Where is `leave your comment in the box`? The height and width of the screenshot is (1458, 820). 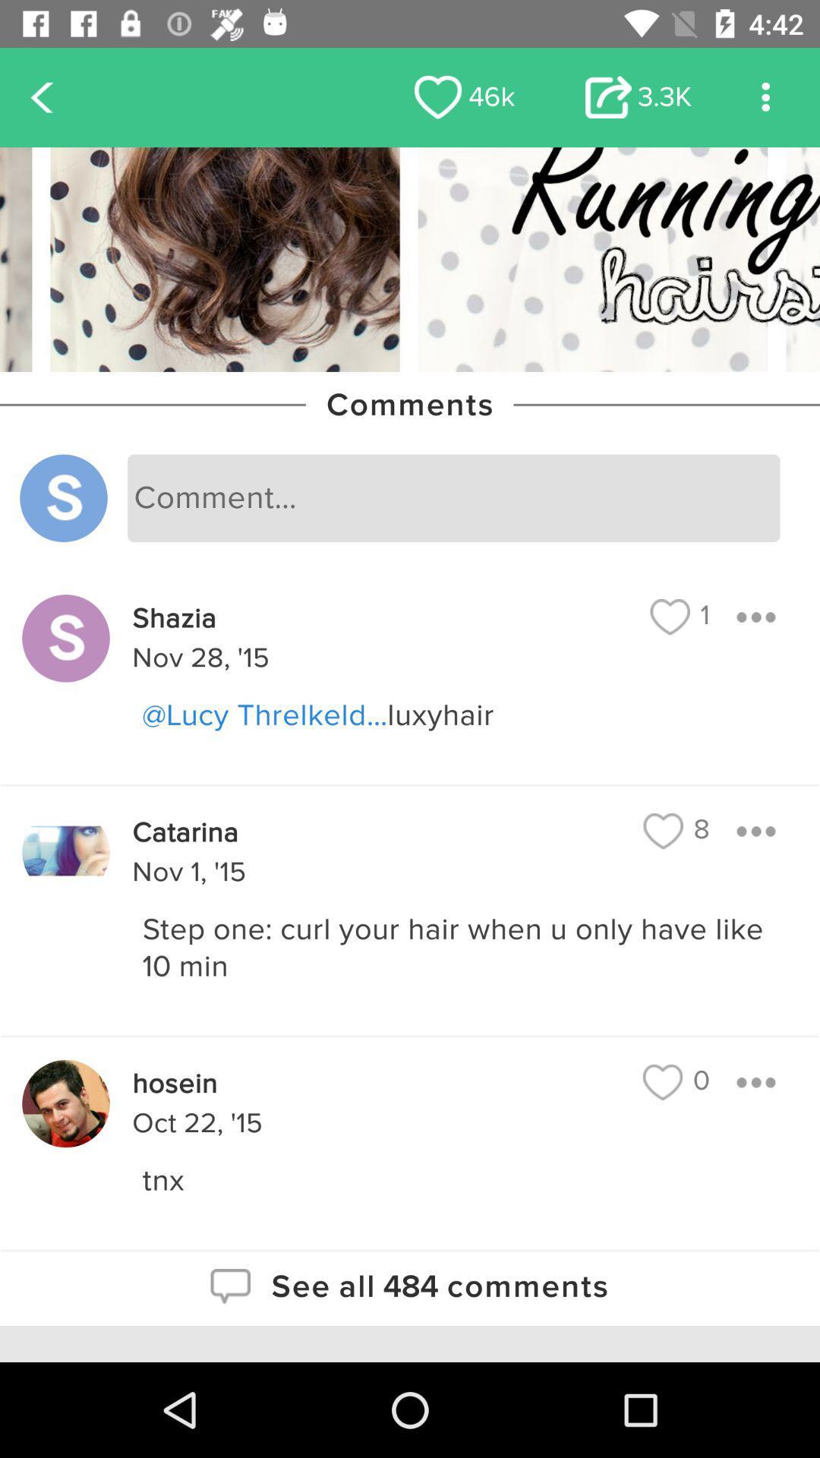
leave your comment in the box is located at coordinates (453, 498).